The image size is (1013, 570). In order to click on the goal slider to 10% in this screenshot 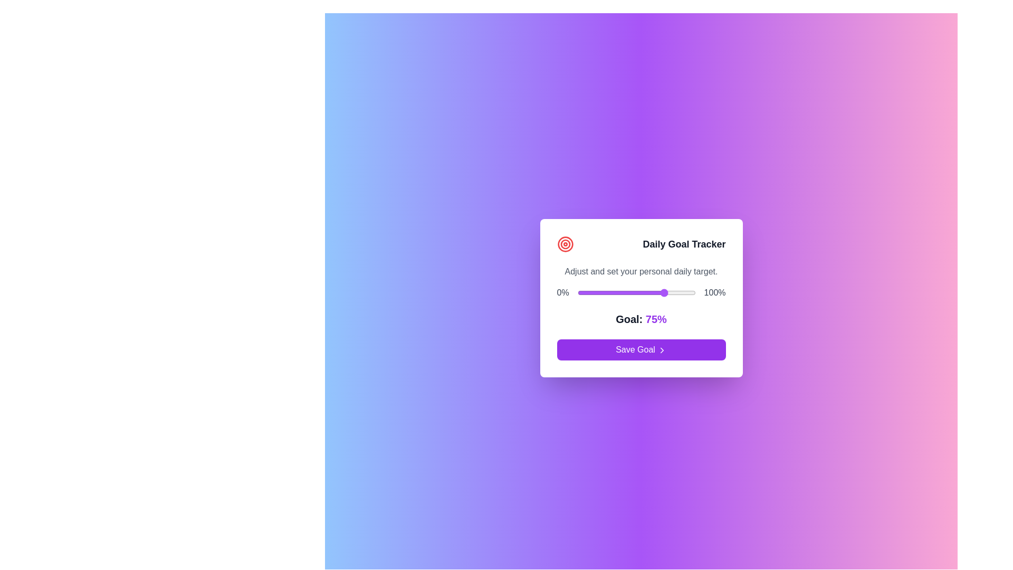, I will do `click(589, 293)`.